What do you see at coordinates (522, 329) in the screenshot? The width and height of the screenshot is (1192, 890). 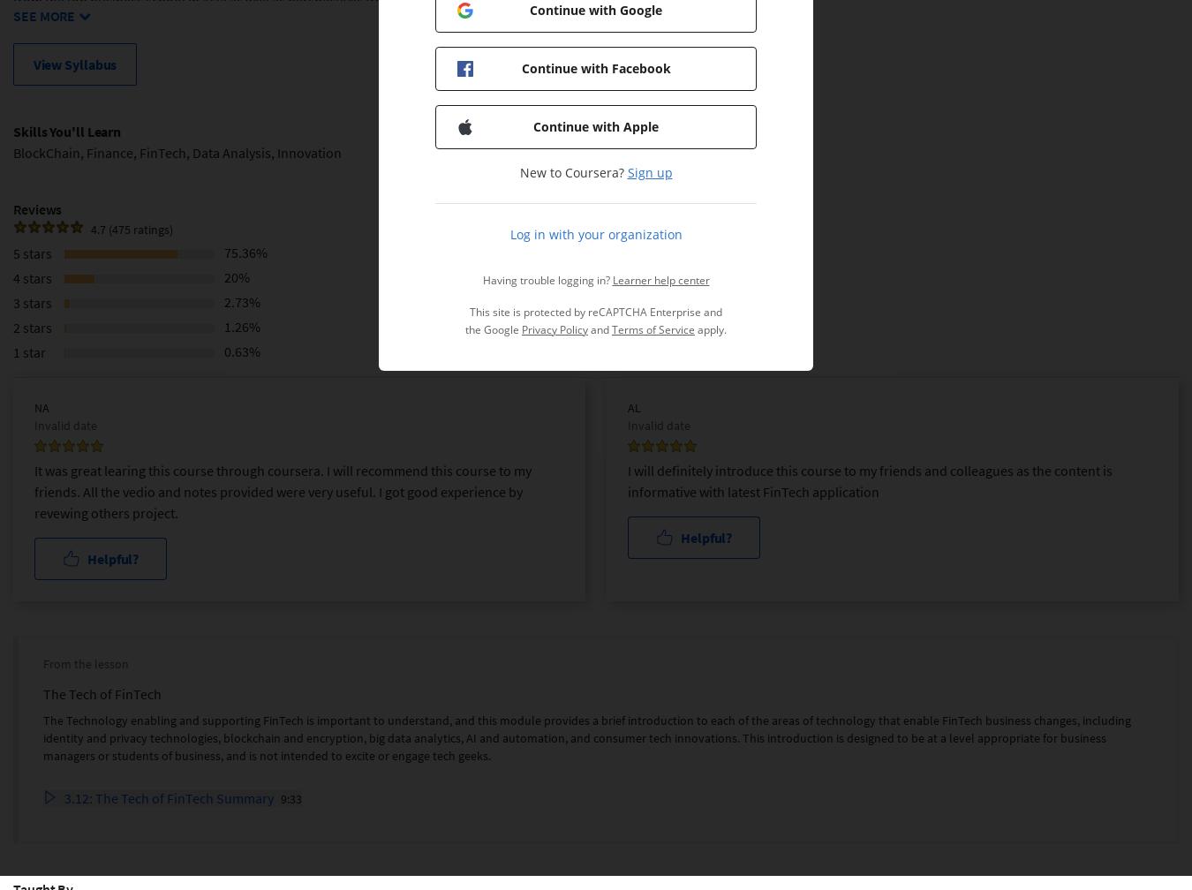 I see `'Privacy Policy'` at bounding box center [522, 329].